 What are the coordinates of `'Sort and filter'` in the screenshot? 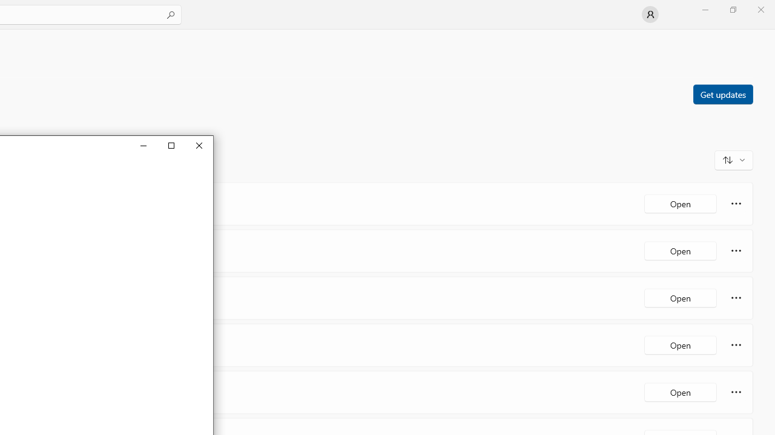 It's located at (733, 159).